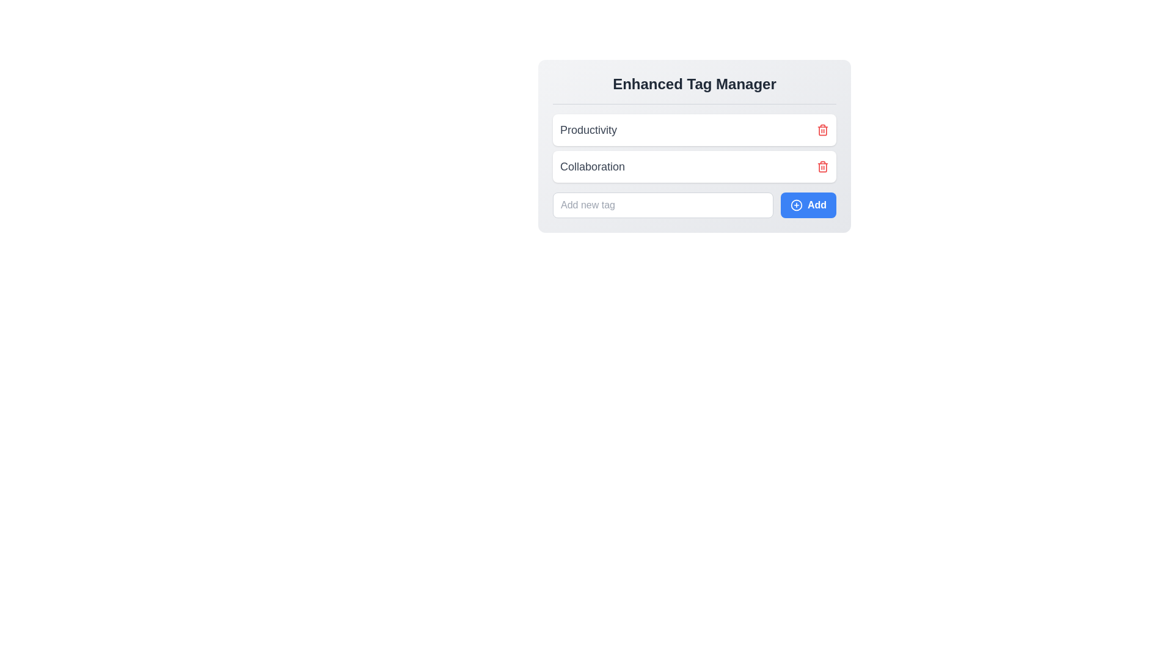 Image resolution: width=1173 pixels, height=660 pixels. Describe the element at coordinates (823, 167) in the screenshot. I see `the red-colored trash icon located to the right of the 'Collaboration' label` at that location.